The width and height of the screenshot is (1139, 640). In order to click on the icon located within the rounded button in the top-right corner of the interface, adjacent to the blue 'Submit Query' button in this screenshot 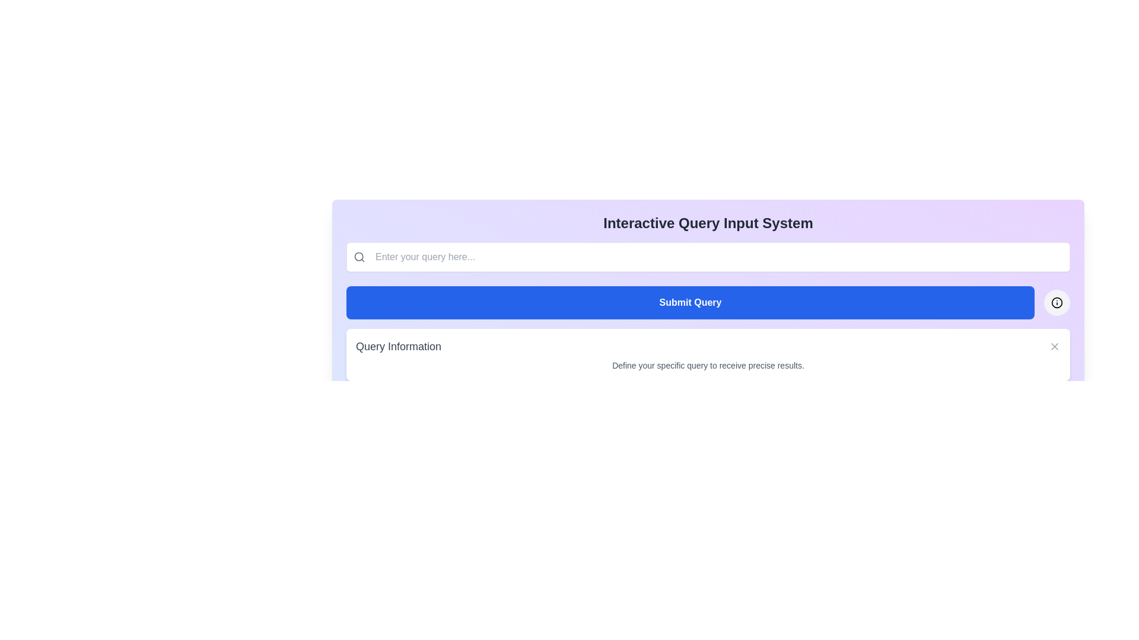, I will do `click(1057, 302)`.